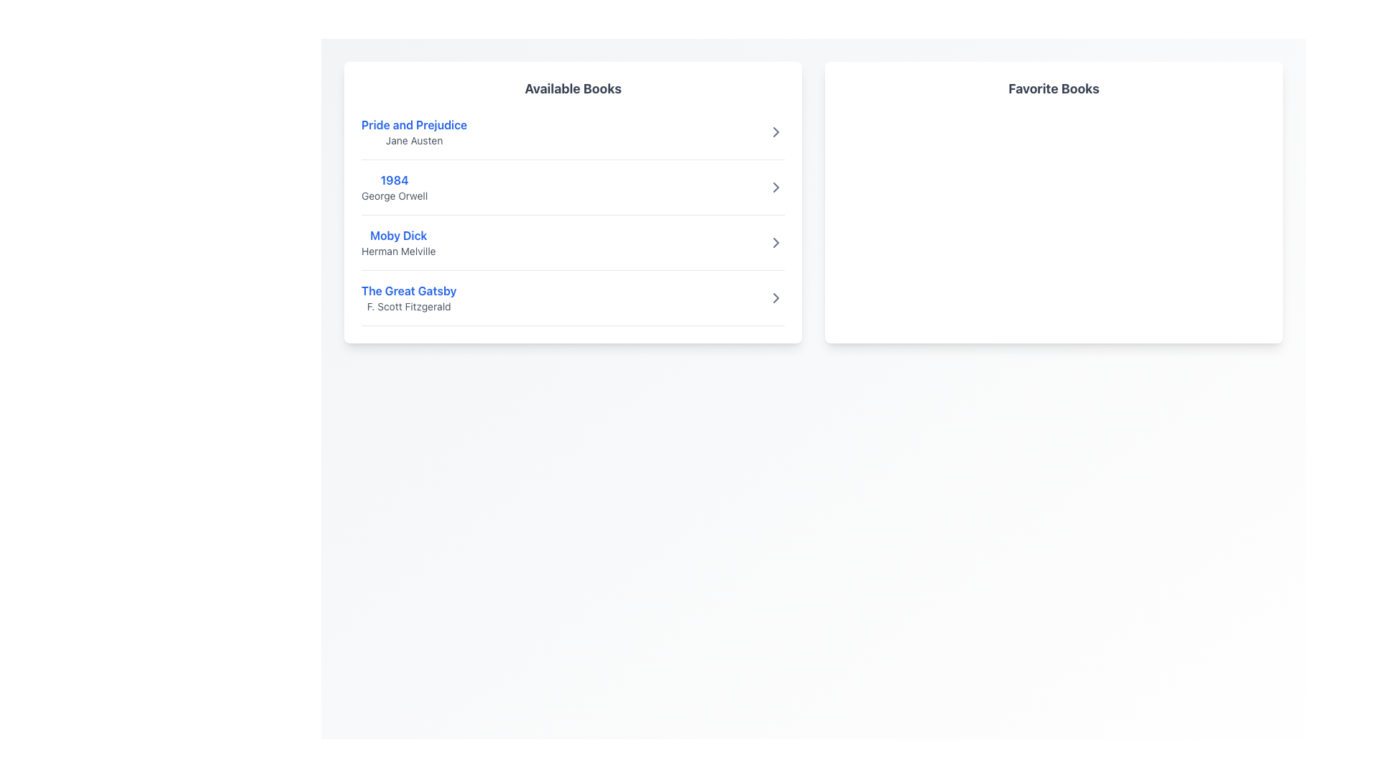 The width and height of the screenshot is (1380, 776). What do you see at coordinates (776, 132) in the screenshot?
I see `the rightward-pointing chevron arrow located on the far right side of the second entry in the 'Available Books' list` at bounding box center [776, 132].